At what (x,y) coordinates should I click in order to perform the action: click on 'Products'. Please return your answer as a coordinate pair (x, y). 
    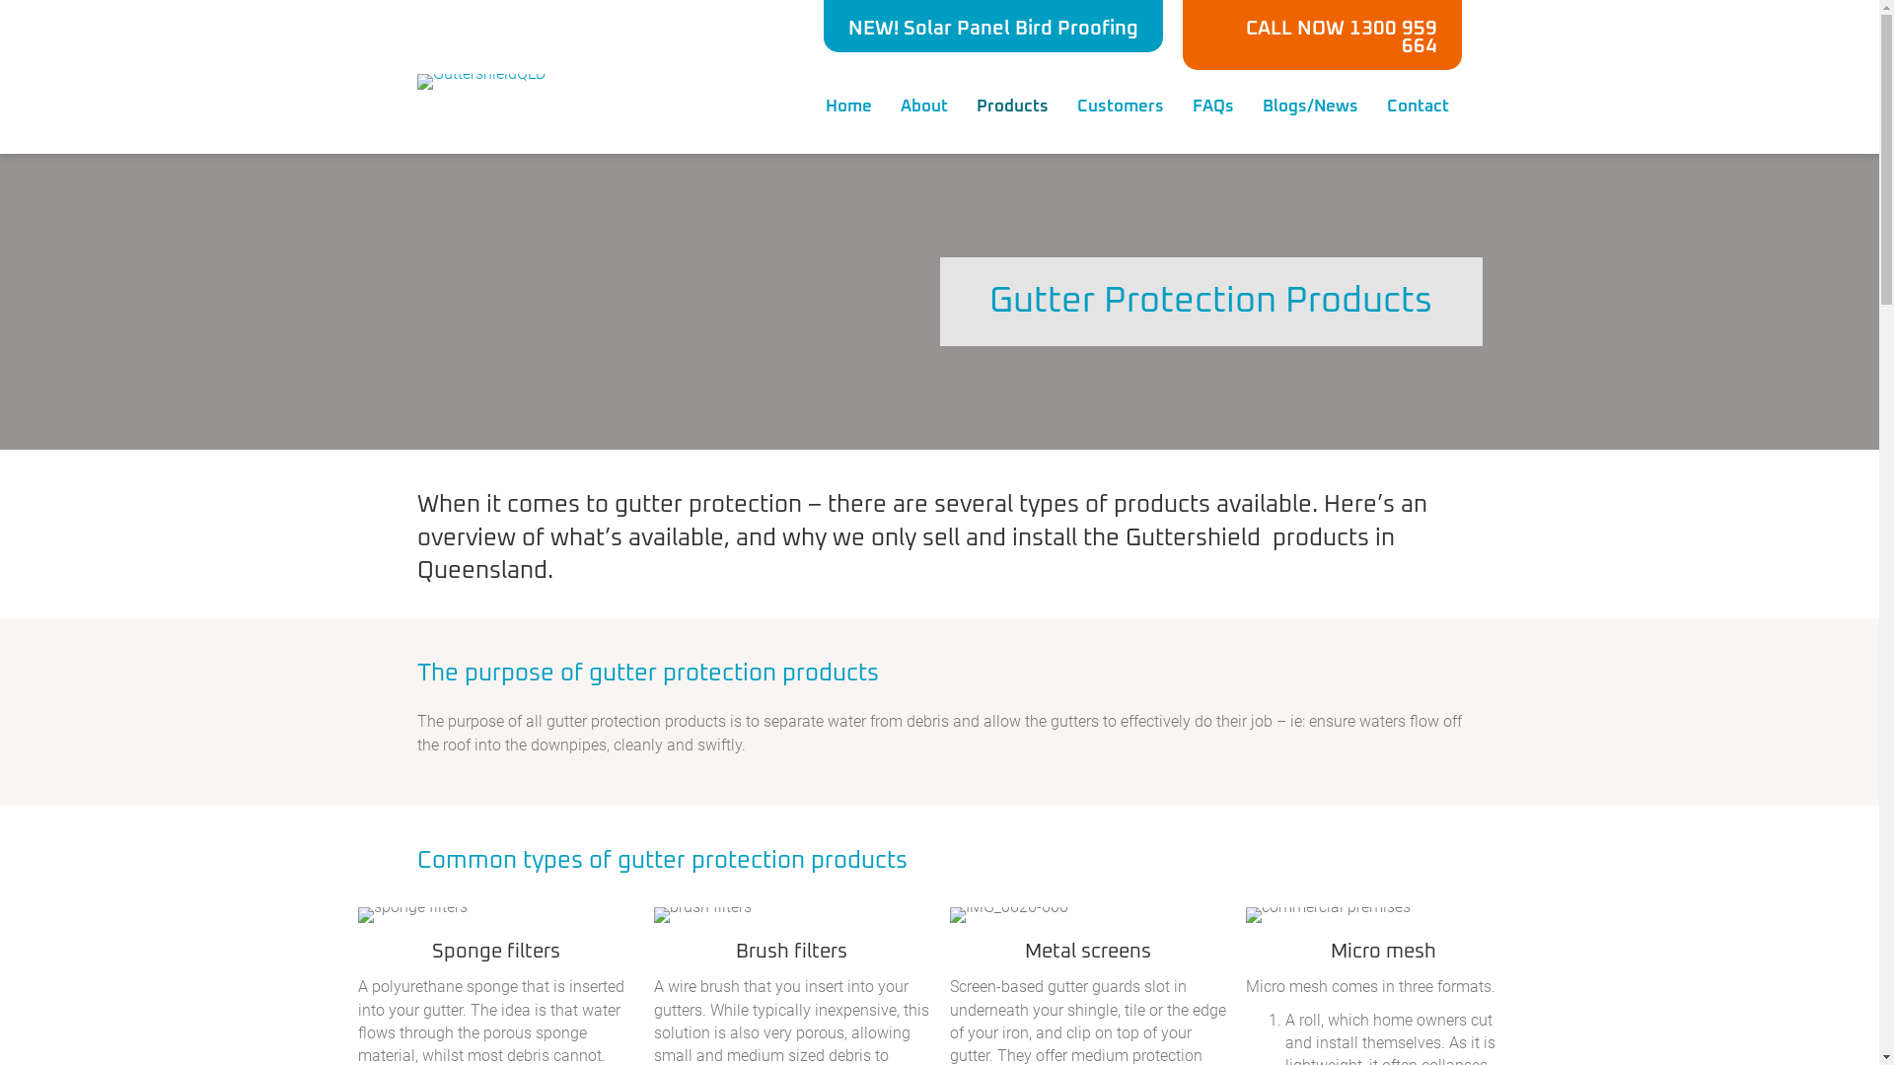
    Looking at the image, I should click on (962, 106).